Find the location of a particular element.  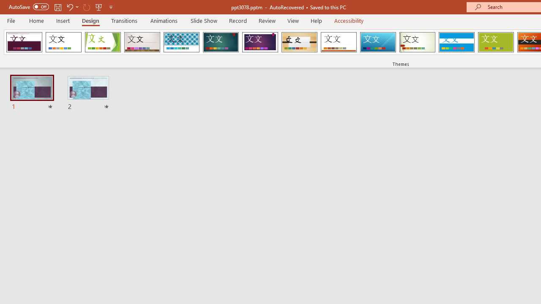

'Organic' is located at coordinates (299, 42).